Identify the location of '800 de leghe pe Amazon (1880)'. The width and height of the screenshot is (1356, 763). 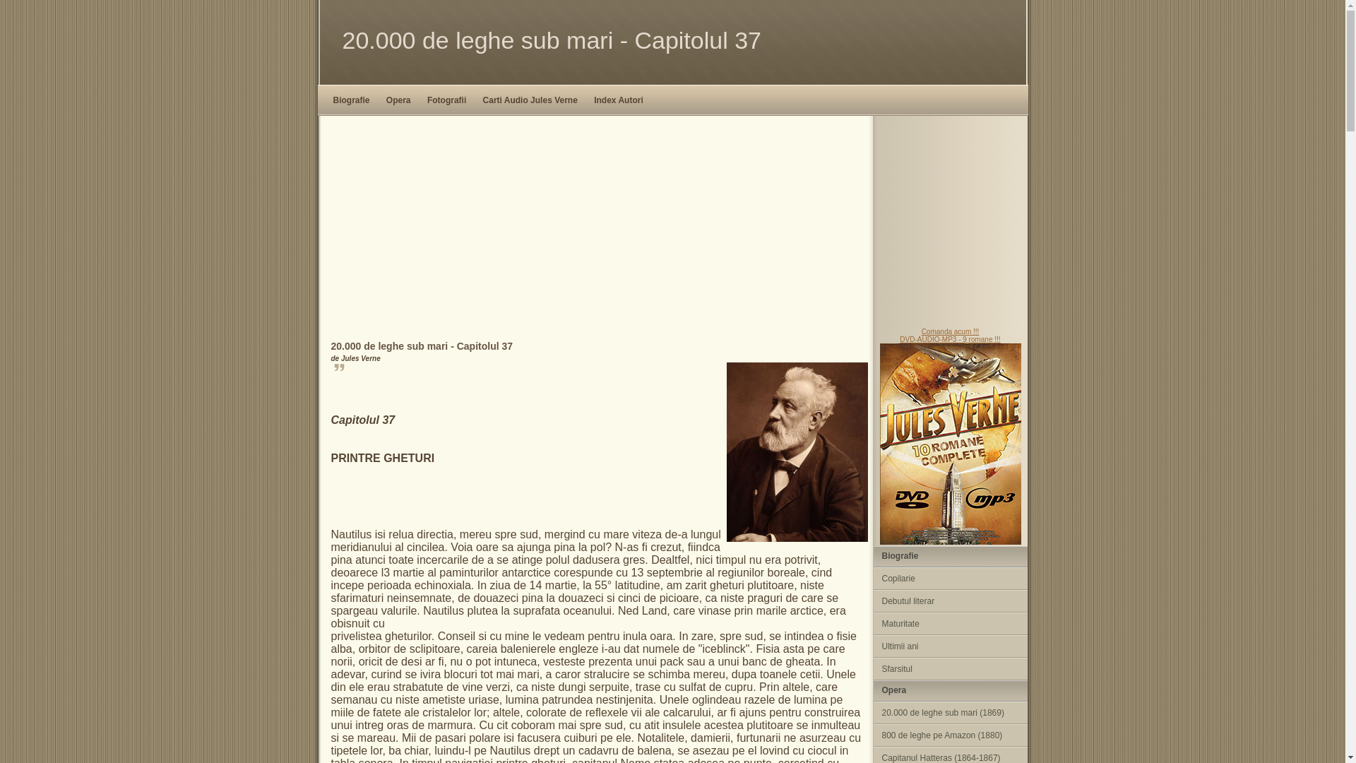
(872, 735).